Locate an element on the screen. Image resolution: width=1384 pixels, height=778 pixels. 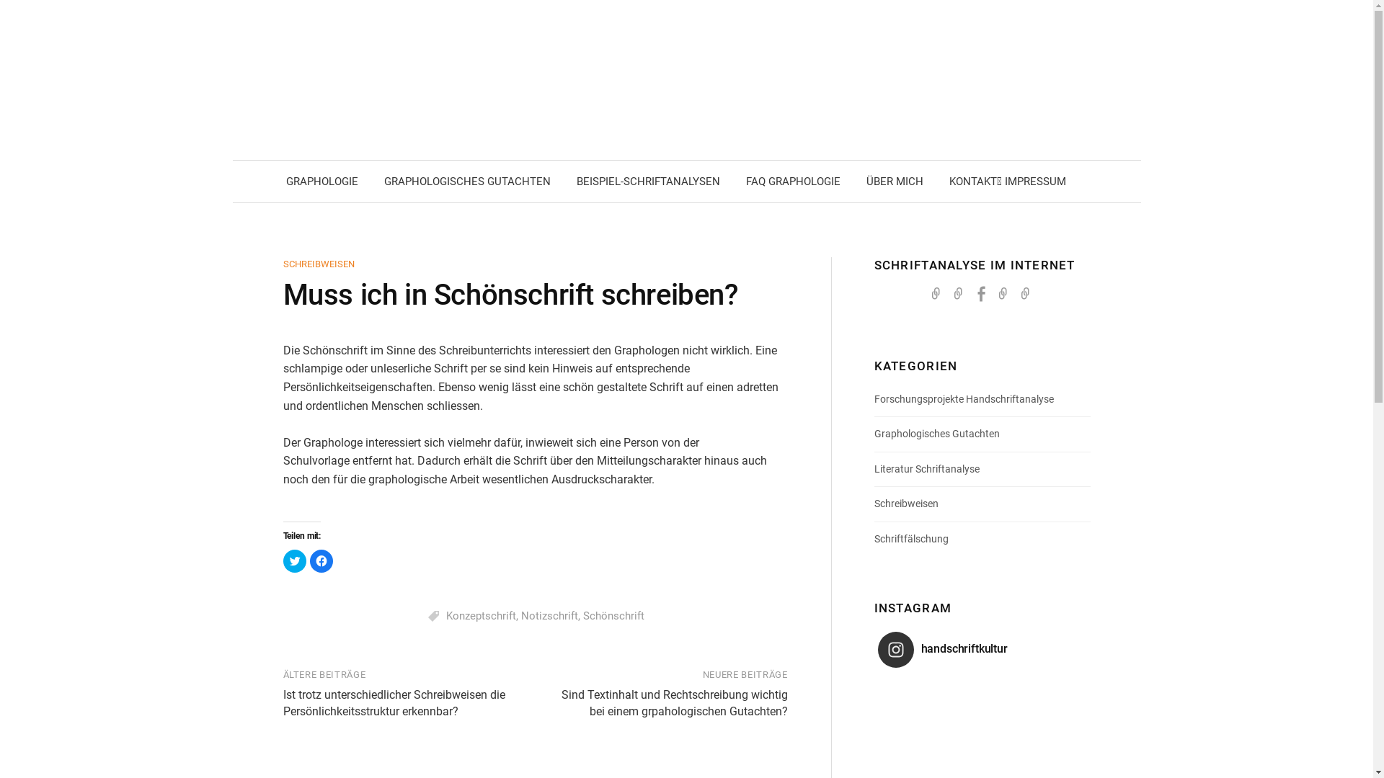
'handschriftkultur' is located at coordinates (961, 650).